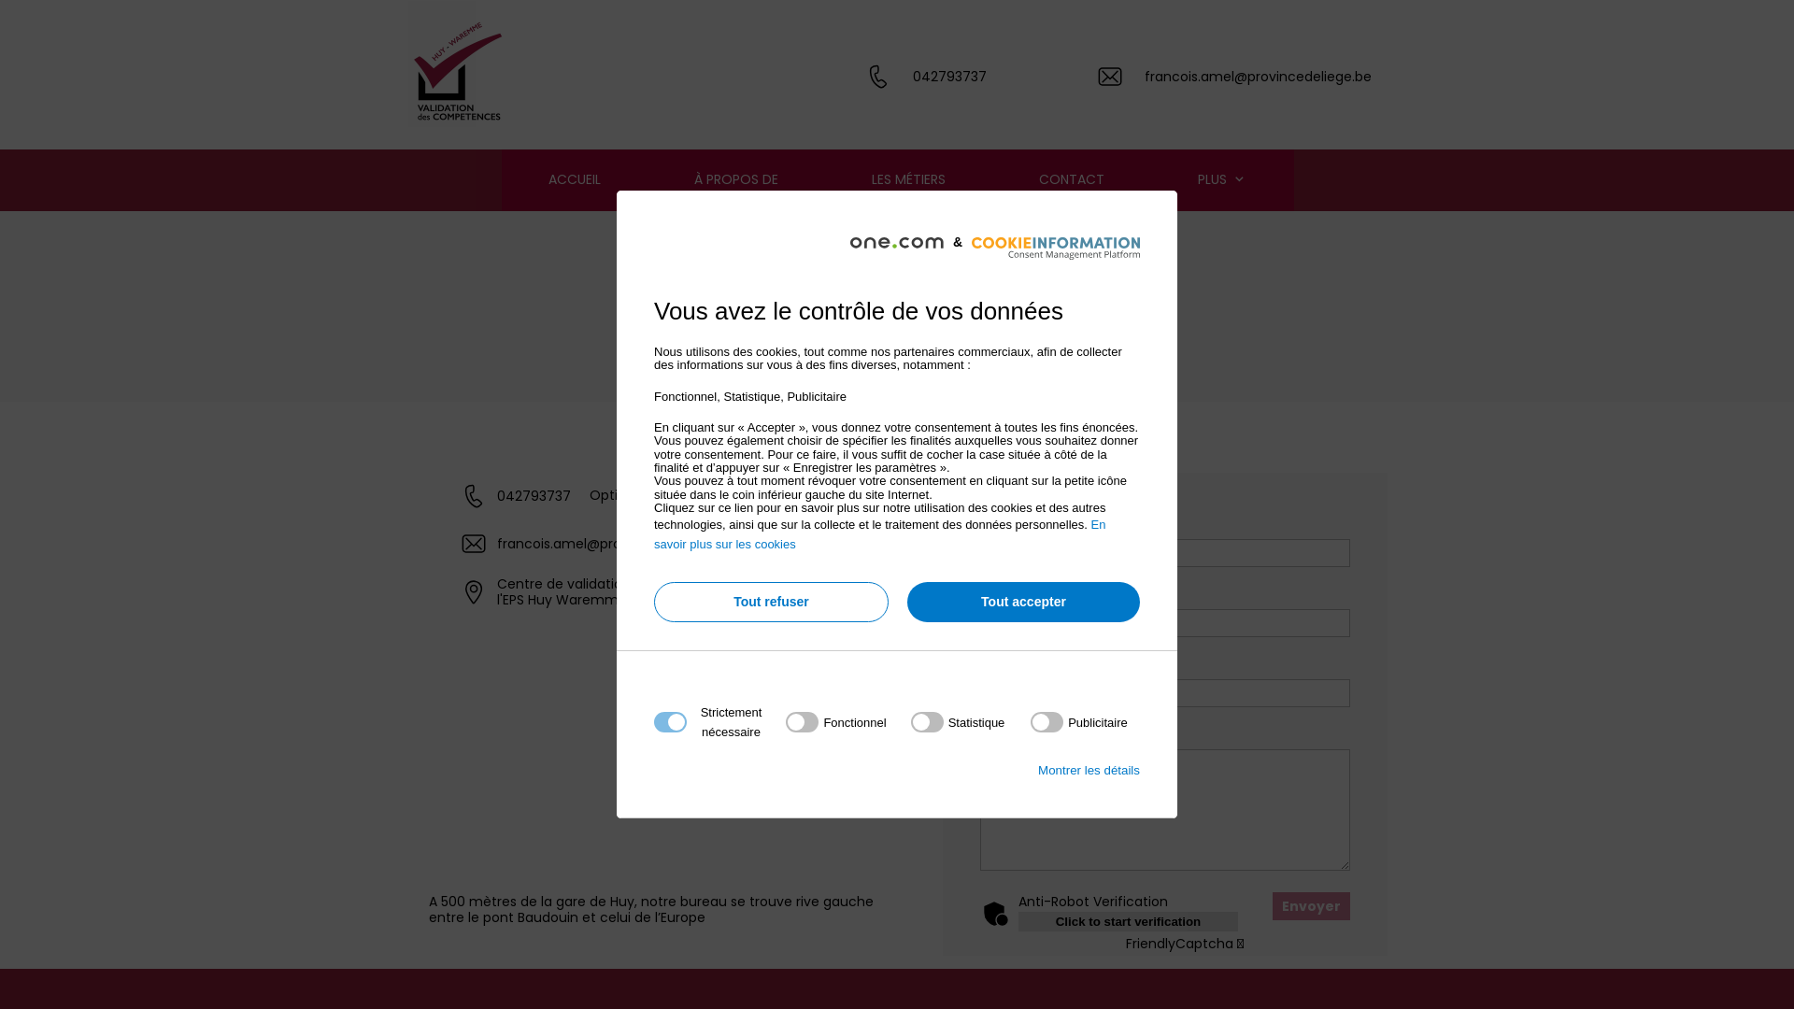  What do you see at coordinates (878, 533) in the screenshot?
I see `'En savoir plus sur les cookies'` at bounding box center [878, 533].